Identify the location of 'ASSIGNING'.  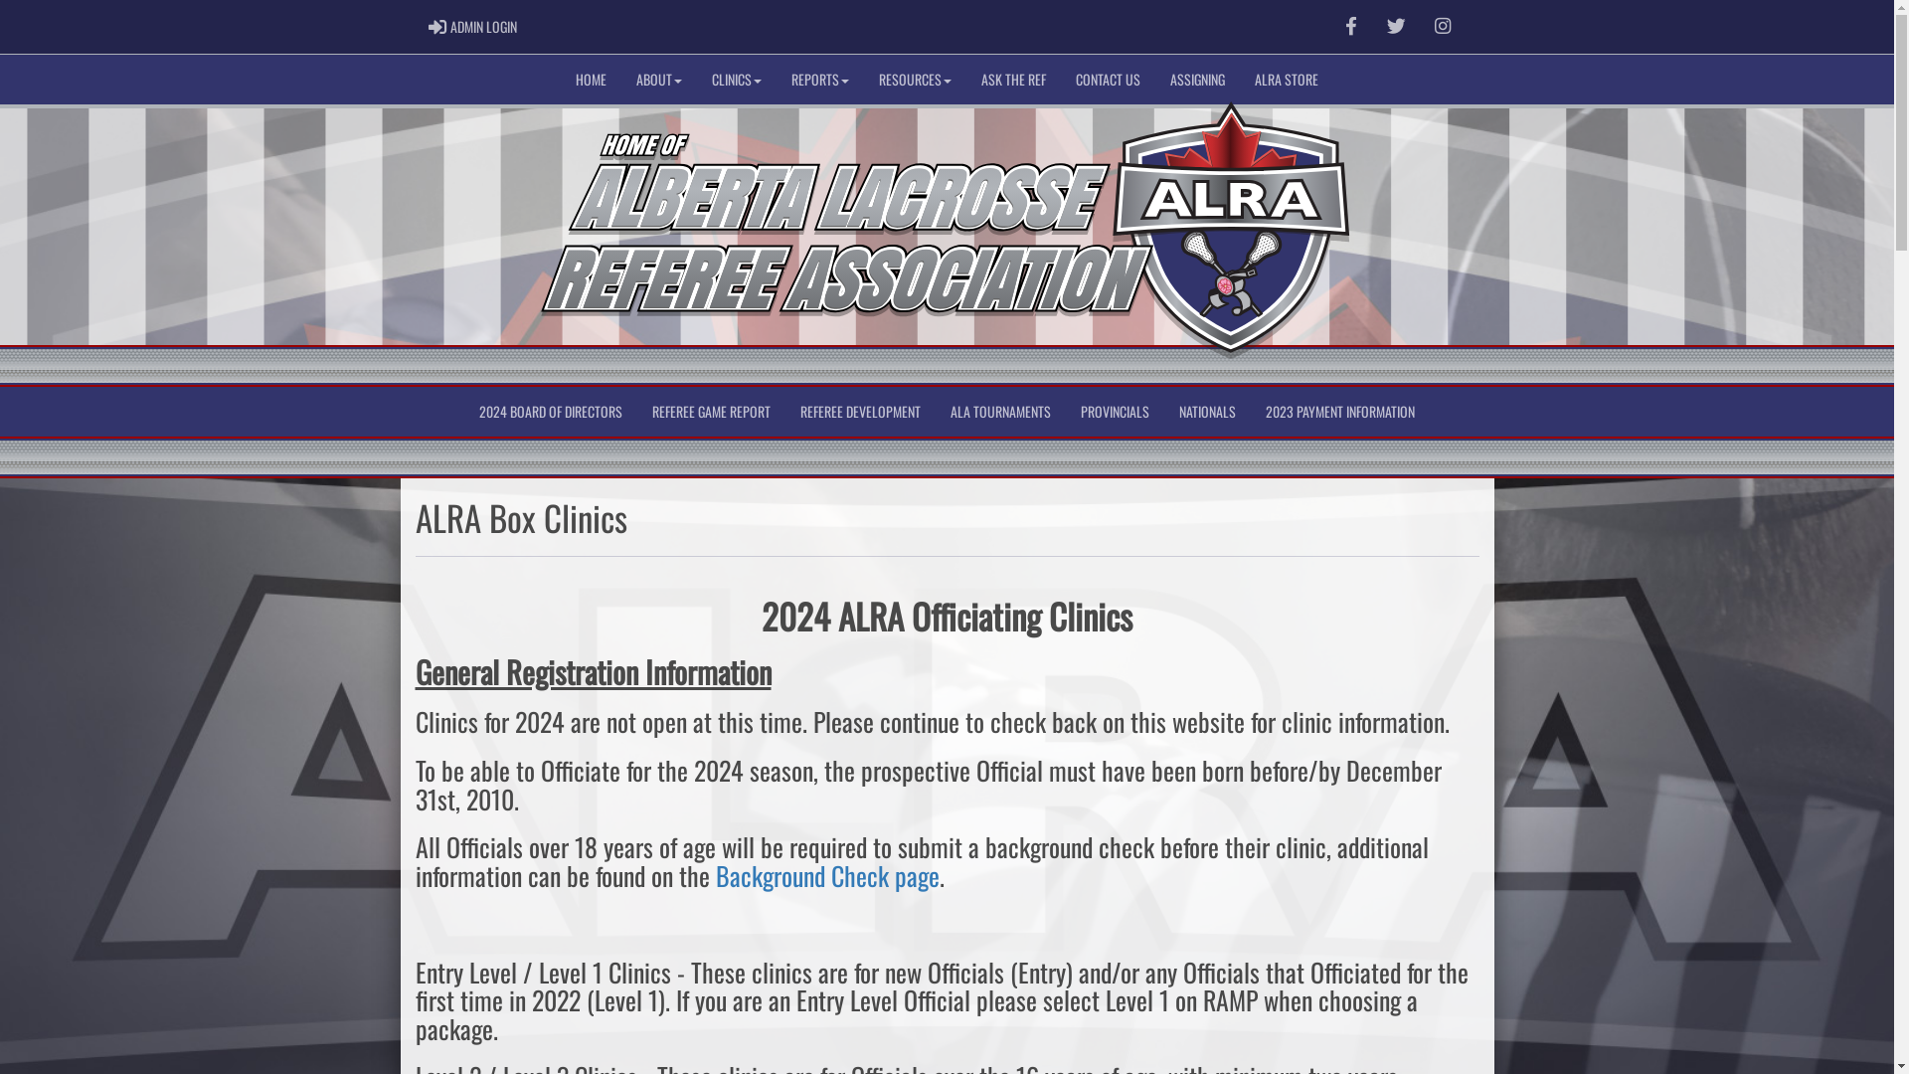
(1196, 79).